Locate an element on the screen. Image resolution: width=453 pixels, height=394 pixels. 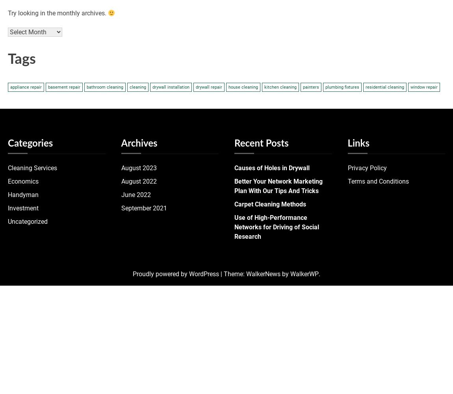
'Tags' is located at coordinates (7, 59).